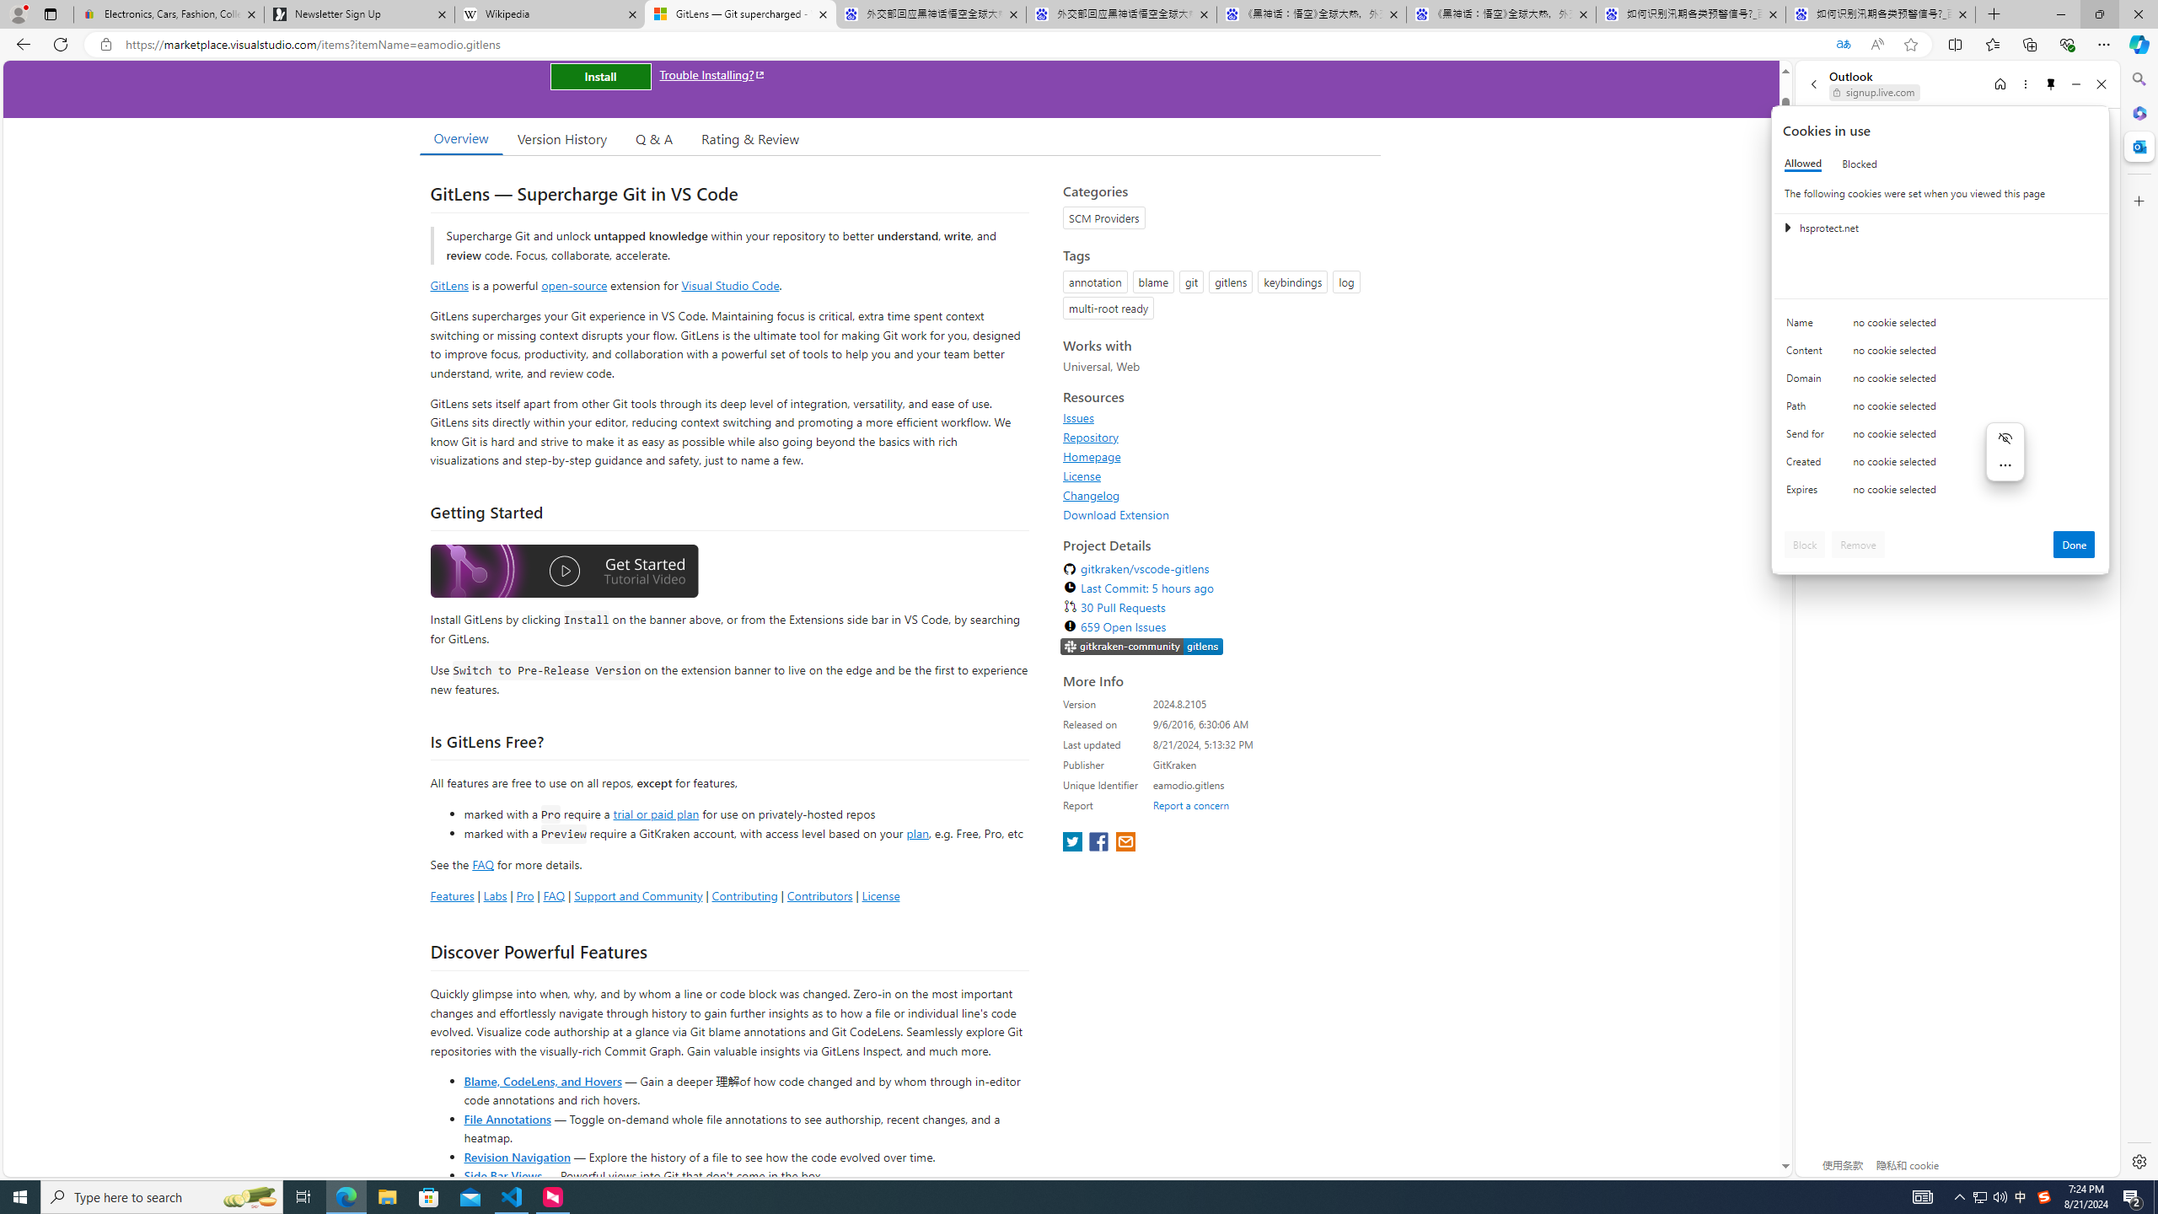 This screenshot has width=2158, height=1214. Describe the element at coordinates (1807, 381) in the screenshot. I see `'Domain'` at that location.